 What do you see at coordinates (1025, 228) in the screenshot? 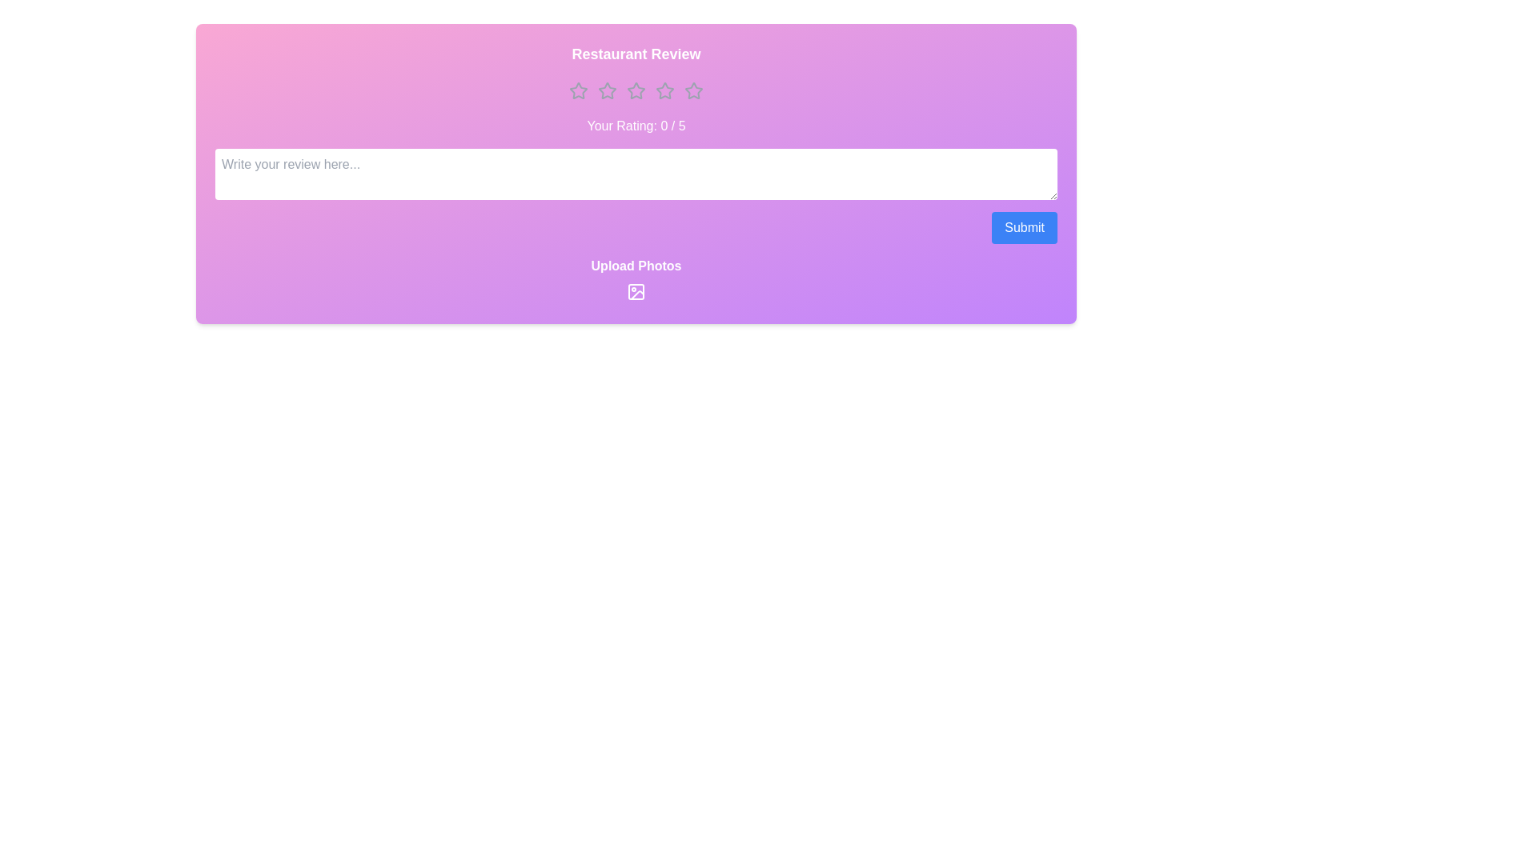
I see `the submit button to submit the review` at bounding box center [1025, 228].